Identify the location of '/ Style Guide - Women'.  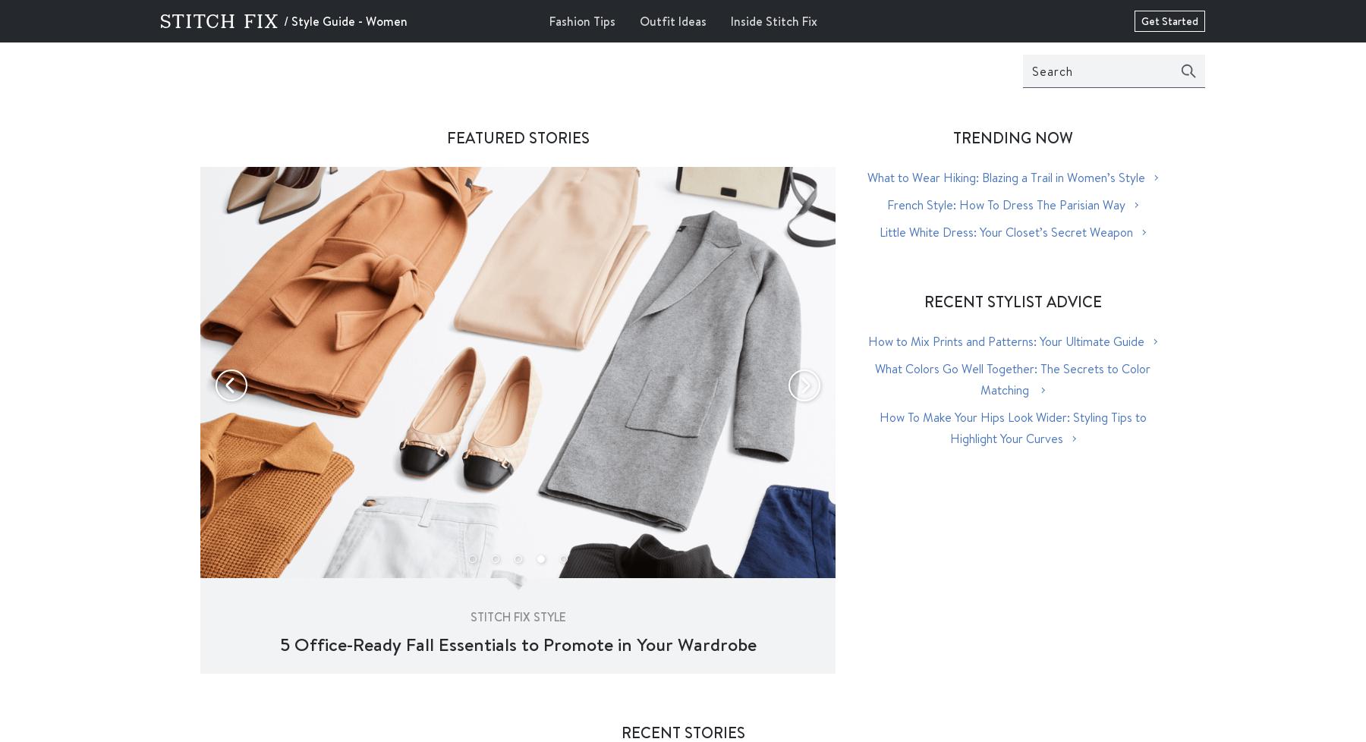
(284, 20).